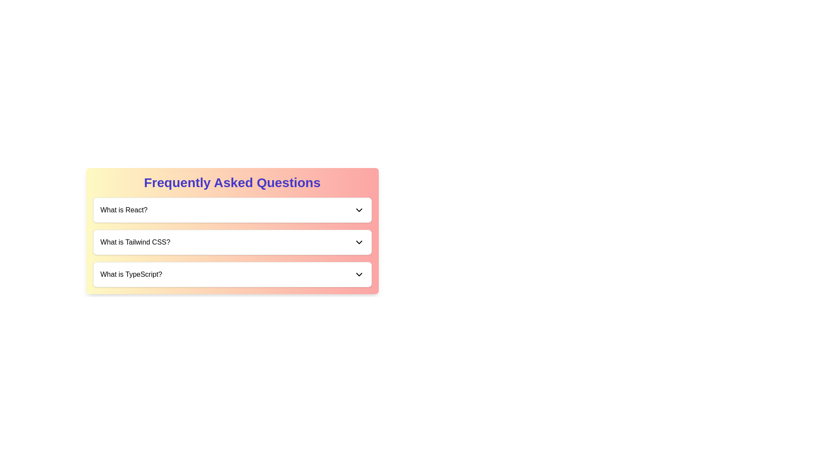 The width and height of the screenshot is (836, 470). What do you see at coordinates (232, 226) in the screenshot?
I see `question item 'What is Tailwind CSS?' from the dropdown list titled 'Frequently Asked Questions'` at bounding box center [232, 226].